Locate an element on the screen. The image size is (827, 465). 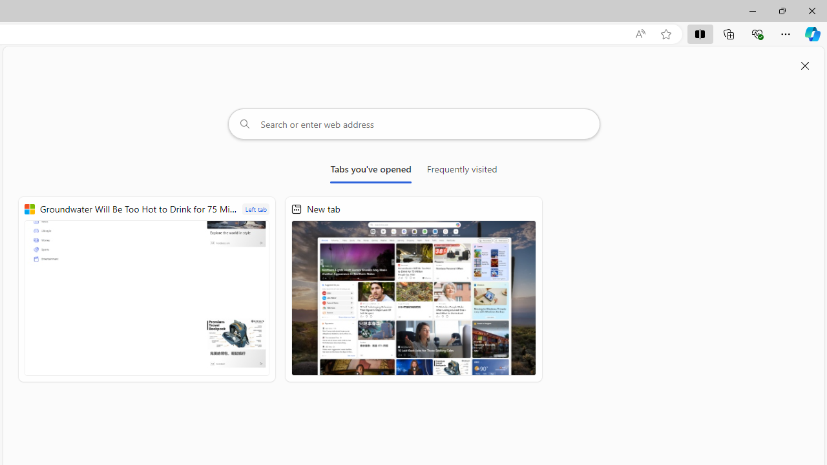
'Close split screen' is located at coordinates (804, 66).